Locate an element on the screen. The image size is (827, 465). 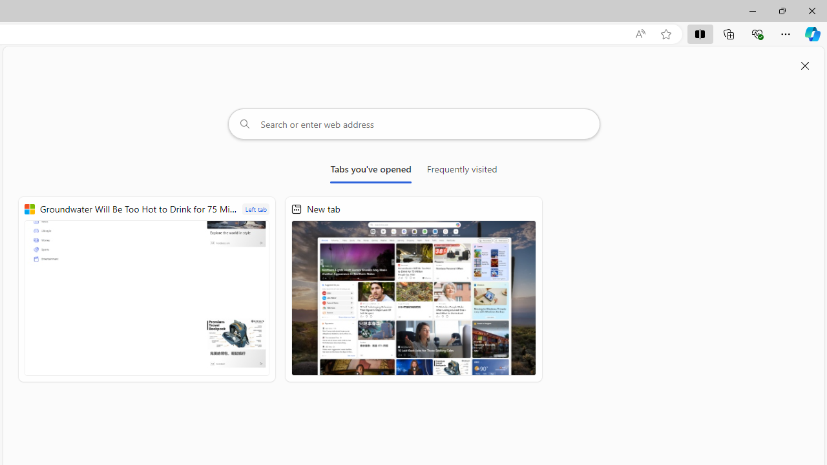
'Close split screen' is located at coordinates (804, 66).